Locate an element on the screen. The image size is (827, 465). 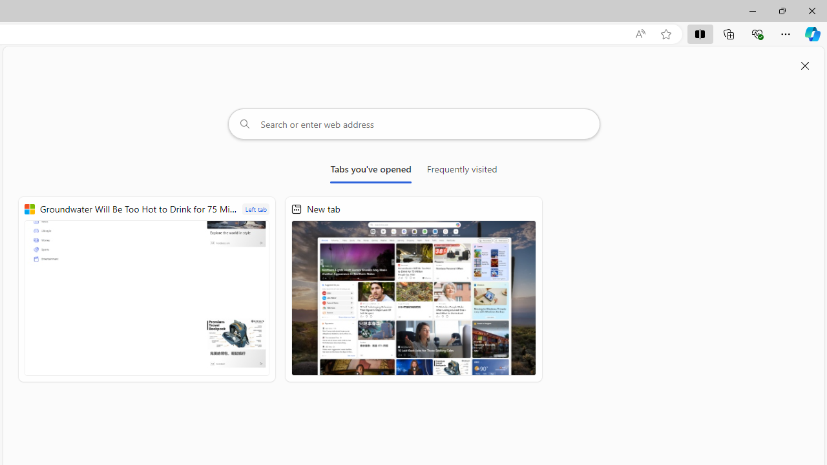
'Close split screen' is located at coordinates (804, 66).